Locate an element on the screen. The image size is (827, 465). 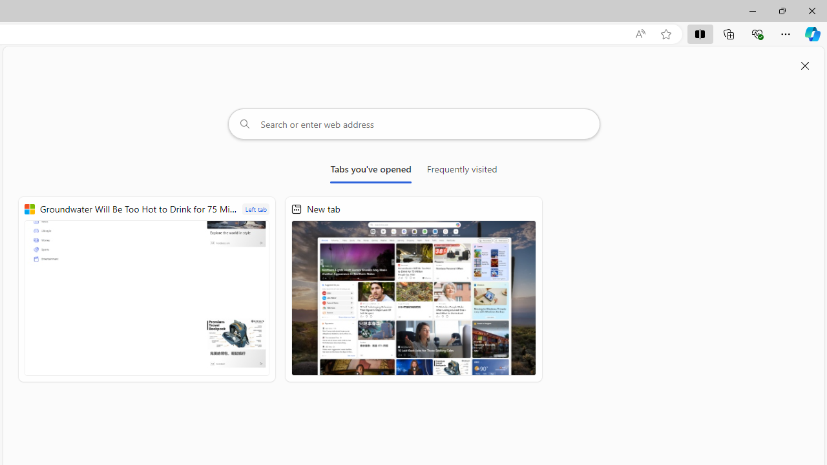
'Close split screen' is located at coordinates (804, 66).